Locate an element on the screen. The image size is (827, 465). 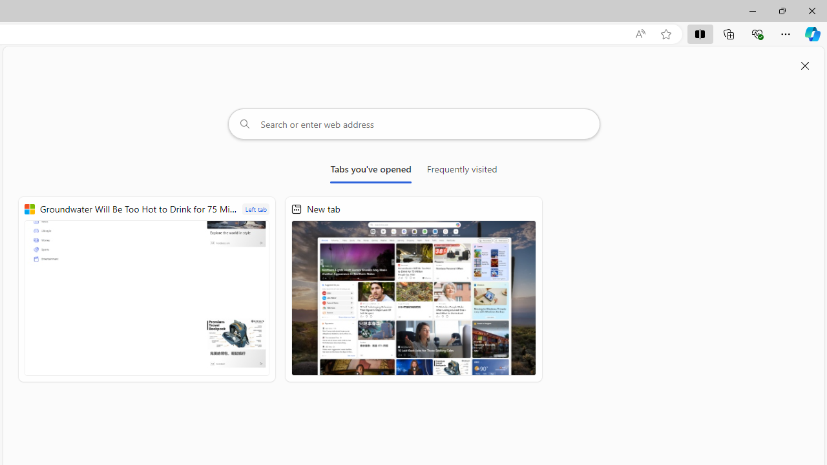
'Close split screen' is located at coordinates (804, 66).